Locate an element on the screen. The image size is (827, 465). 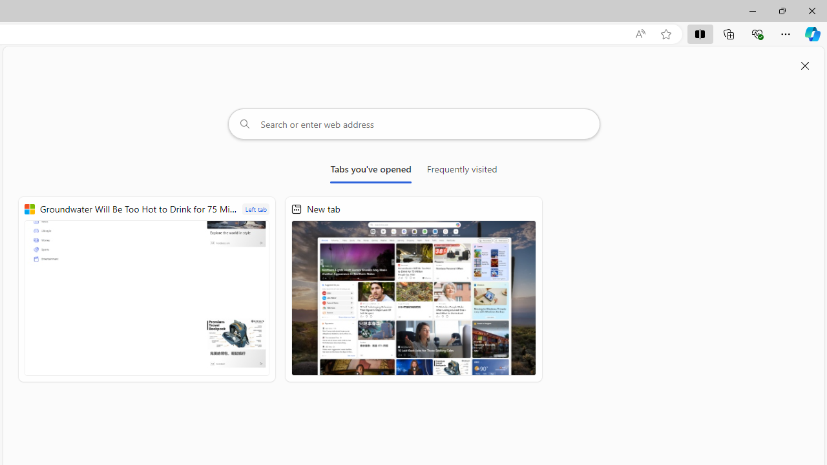
'Close split screen' is located at coordinates (804, 66).